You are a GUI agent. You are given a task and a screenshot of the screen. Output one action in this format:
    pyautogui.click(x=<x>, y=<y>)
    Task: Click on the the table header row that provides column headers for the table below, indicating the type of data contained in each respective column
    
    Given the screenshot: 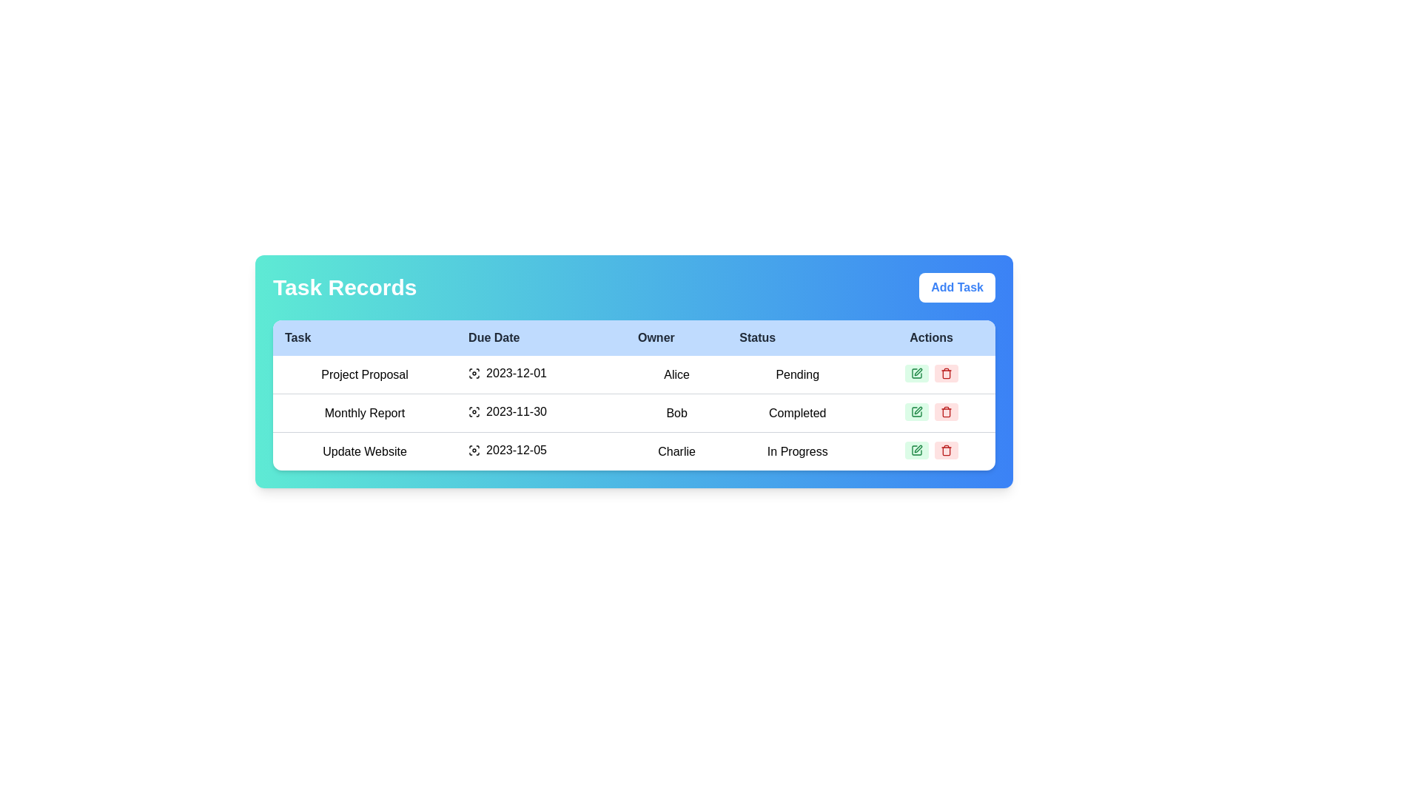 What is the action you would take?
    pyautogui.click(x=634, y=337)
    